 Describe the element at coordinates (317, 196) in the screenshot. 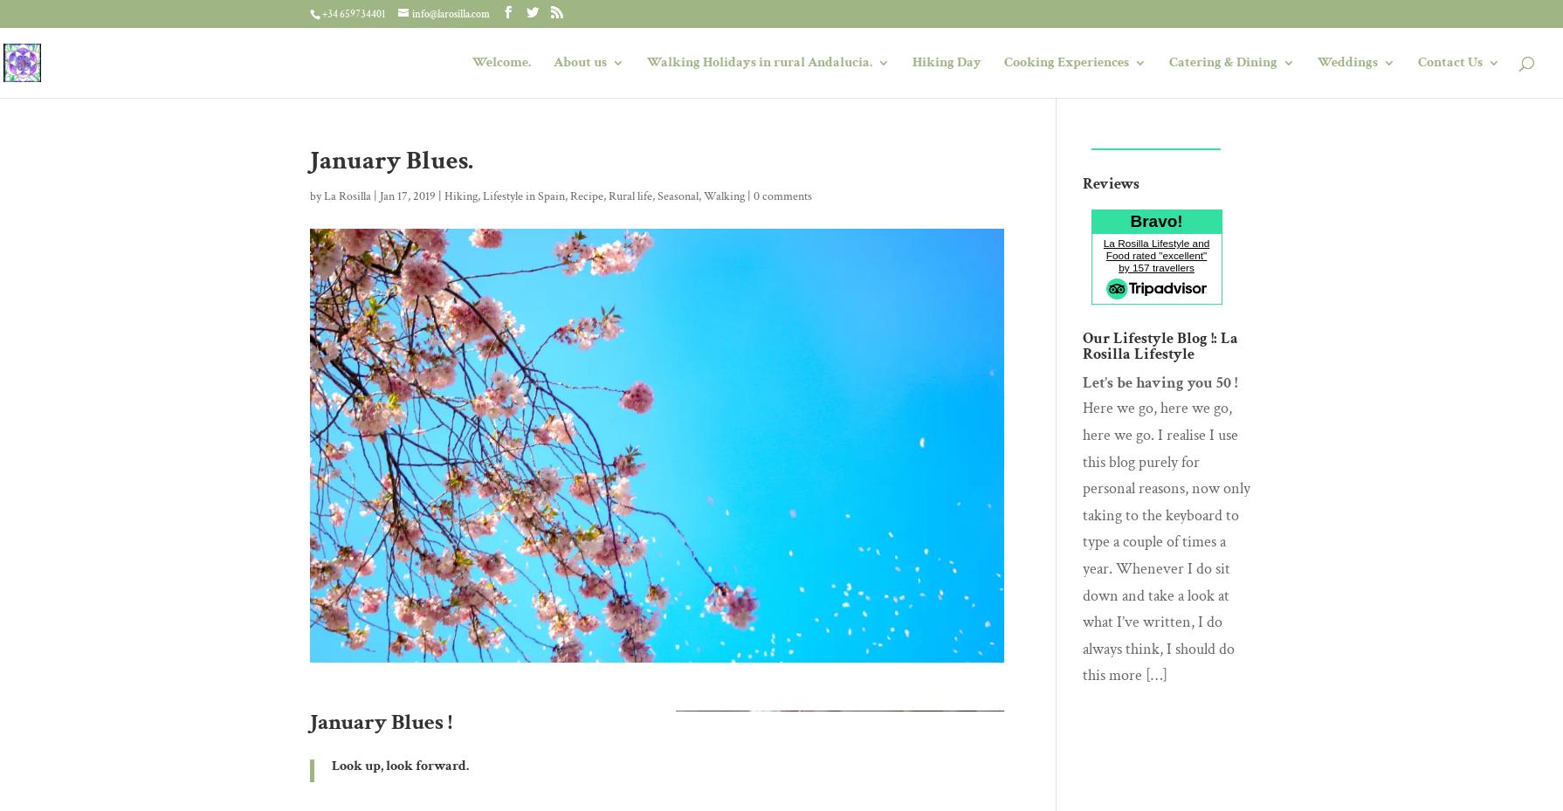

I see `'by'` at that location.